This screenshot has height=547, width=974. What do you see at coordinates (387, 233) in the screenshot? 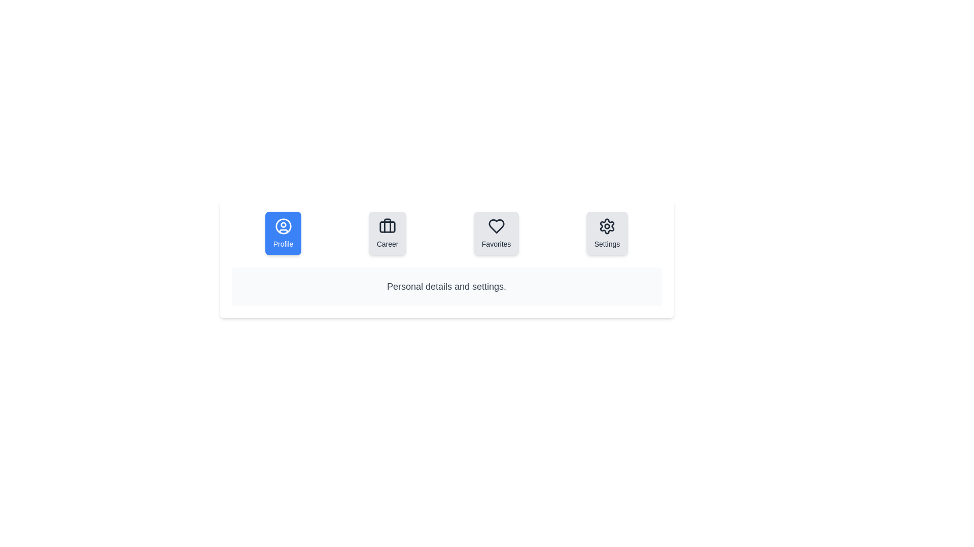
I see `the Career tab` at bounding box center [387, 233].